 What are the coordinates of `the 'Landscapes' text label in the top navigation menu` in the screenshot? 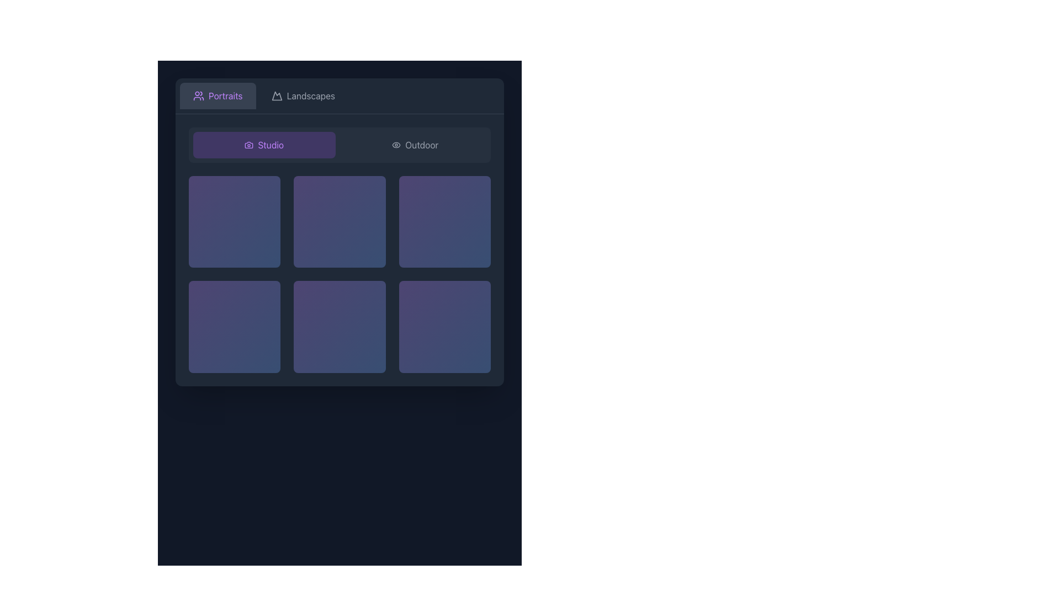 It's located at (310, 95).